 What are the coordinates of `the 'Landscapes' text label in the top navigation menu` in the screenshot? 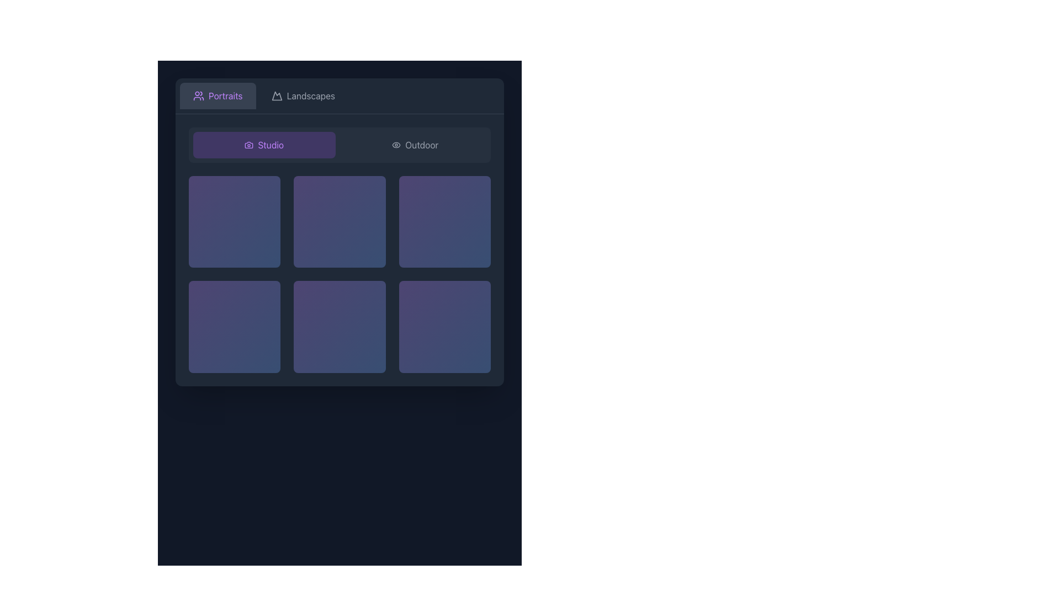 It's located at (310, 95).